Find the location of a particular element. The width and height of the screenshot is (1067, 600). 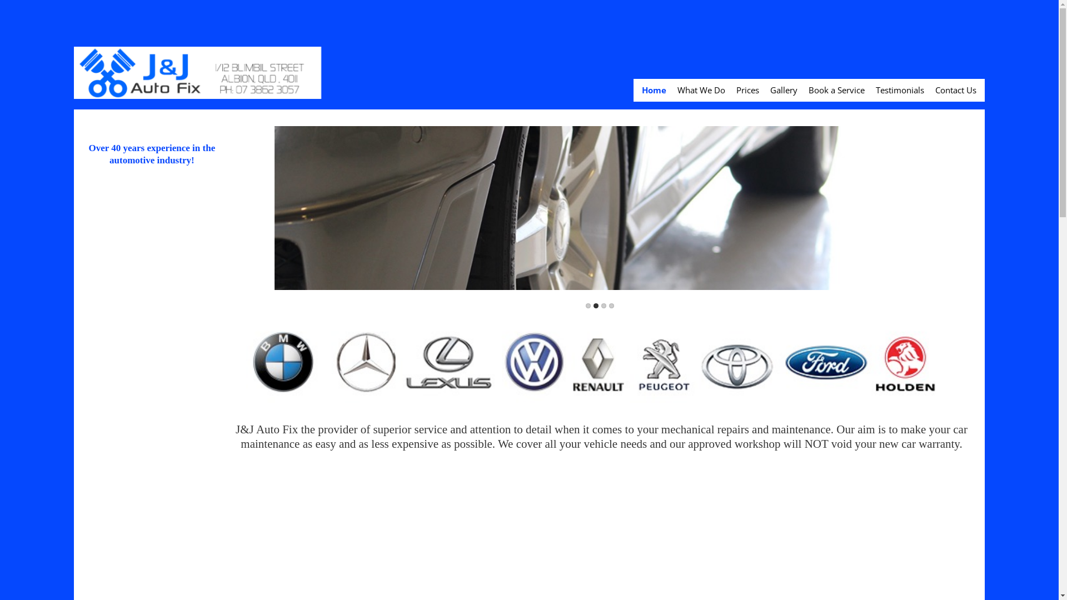

'1' is located at coordinates (587, 306).